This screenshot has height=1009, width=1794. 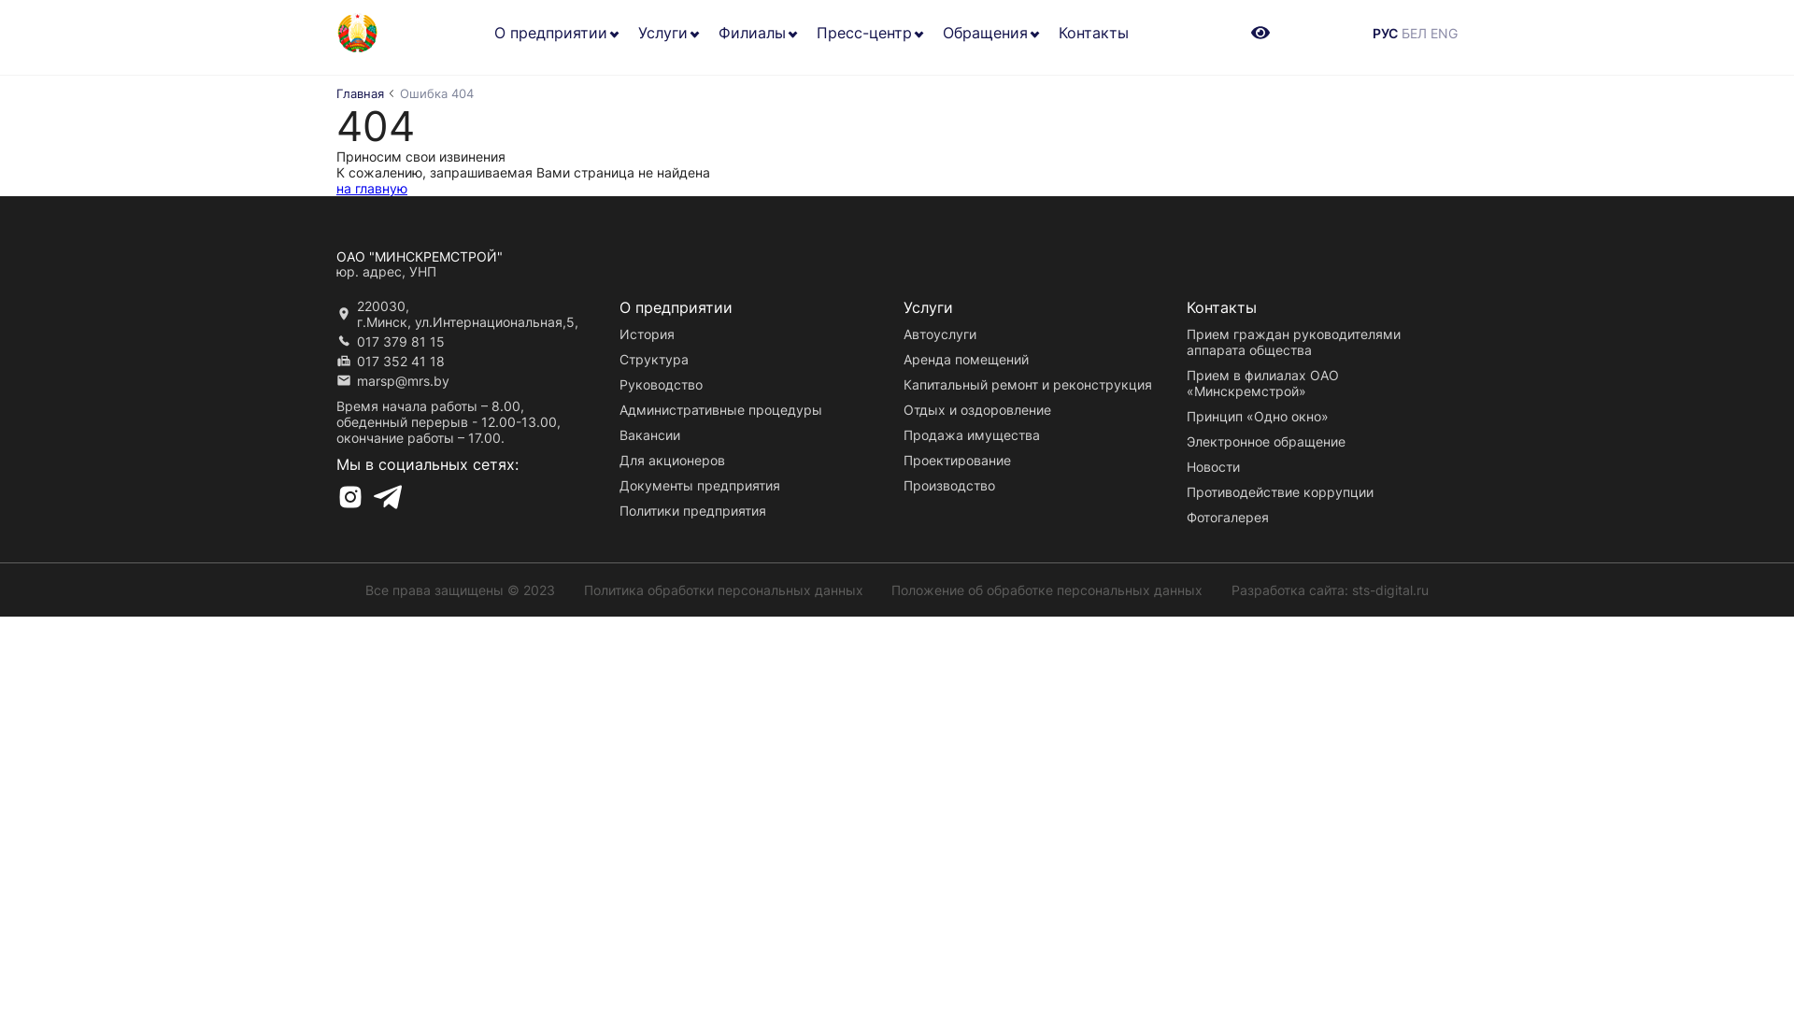 What do you see at coordinates (399, 341) in the screenshot?
I see `'017 379 81 15'` at bounding box center [399, 341].